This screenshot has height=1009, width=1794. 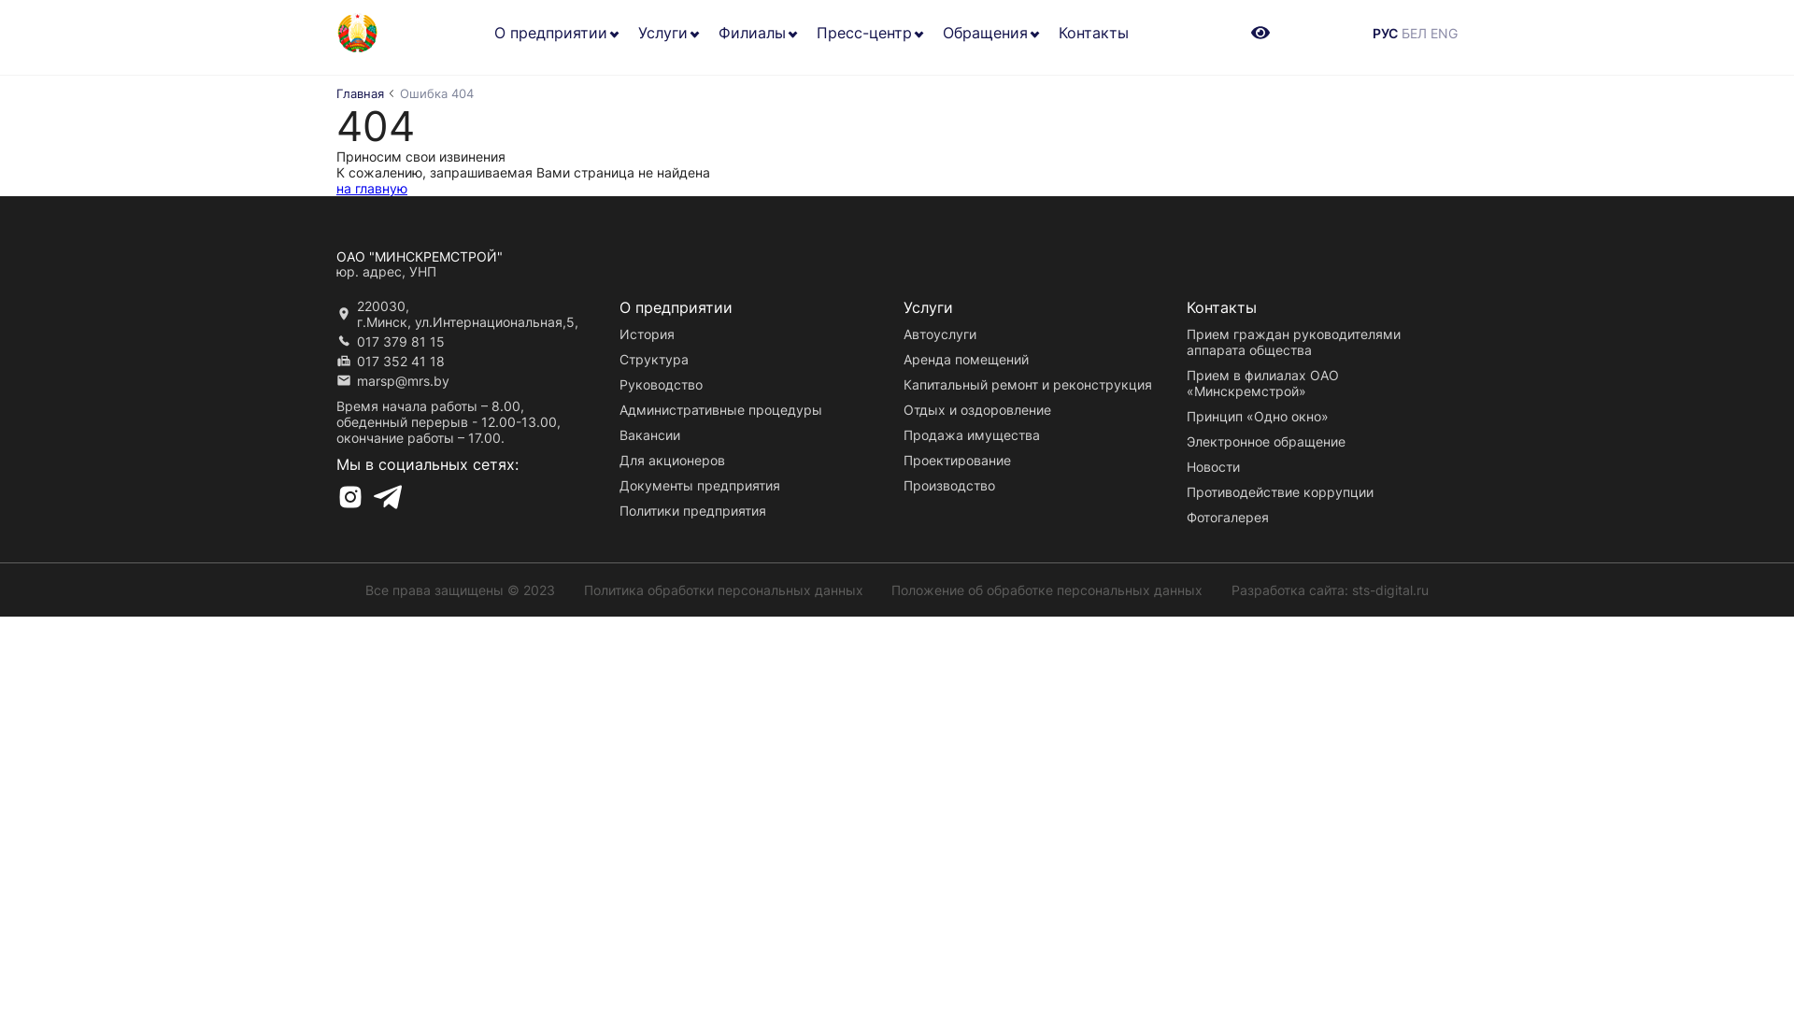 What do you see at coordinates (399, 341) in the screenshot?
I see `'017 379 81 15'` at bounding box center [399, 341].